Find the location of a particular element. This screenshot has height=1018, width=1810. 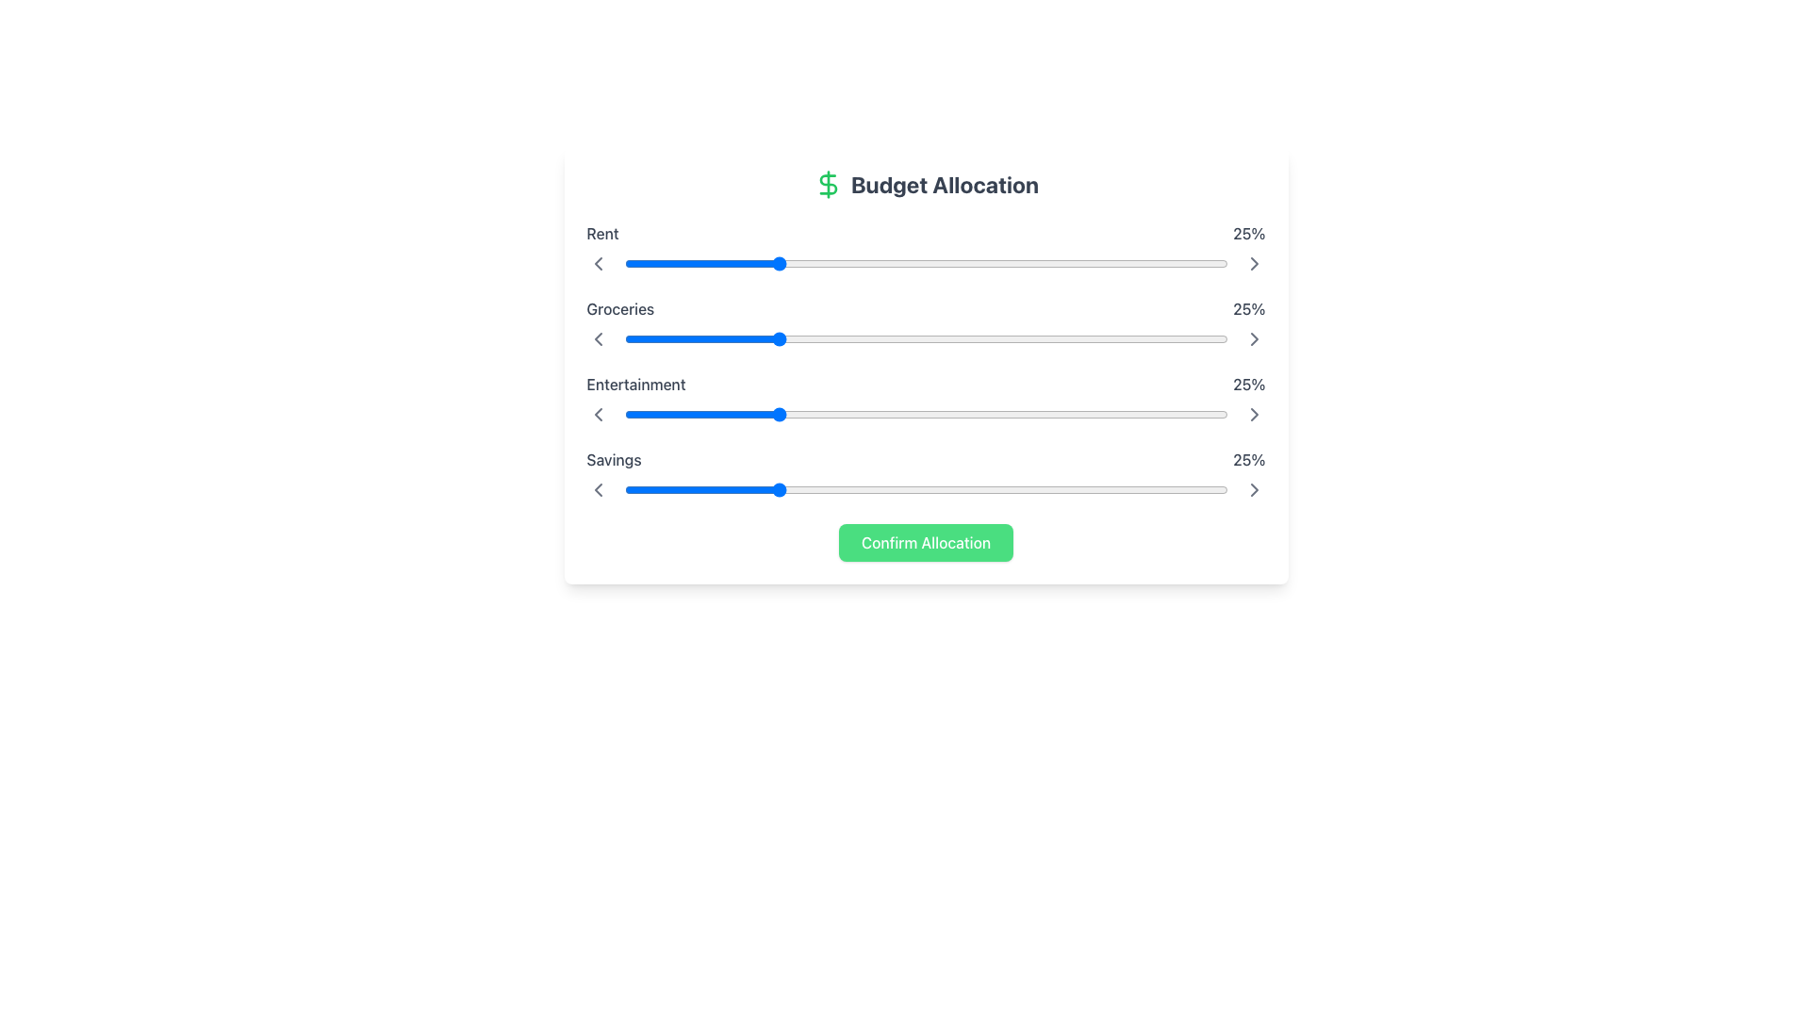

the range slider located in the budget allocation interface, which is labeled 'Groceries' on the left and '25%' on the right, to set a value is located at coordinates (926, 337).